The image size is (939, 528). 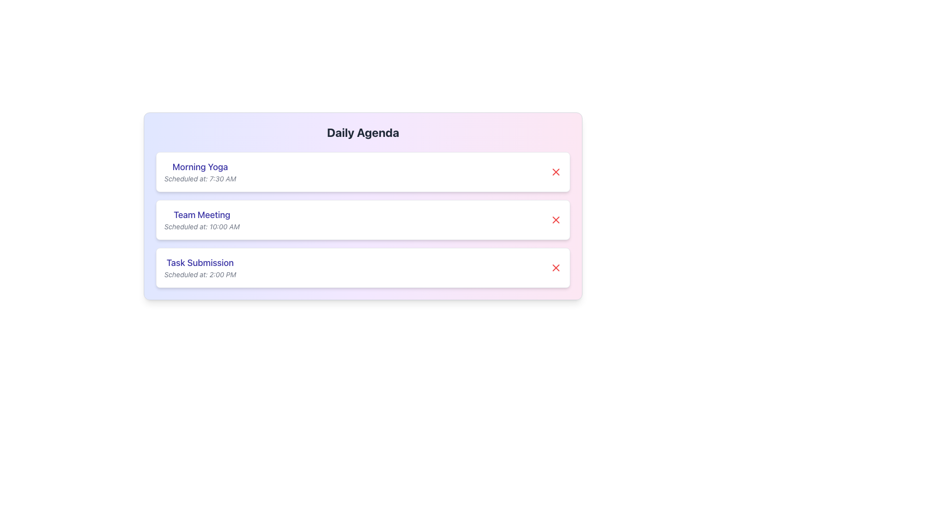 What do you see at coordinates (200, 262) in the screenshot?
I see `the text label indicating the agenda item's name or topic, located at the top of the third card in the list of agenda items` at bounding box center [200, 262].